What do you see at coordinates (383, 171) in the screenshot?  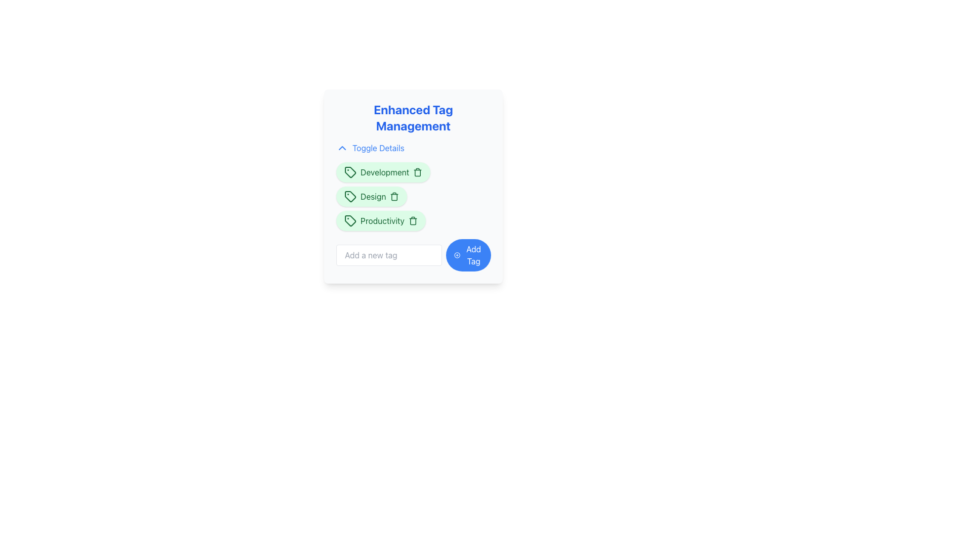 I see `the 'Development' tag element, which features a light green background, green text, and icons for viewing its details` at bounding box center [383, 171].